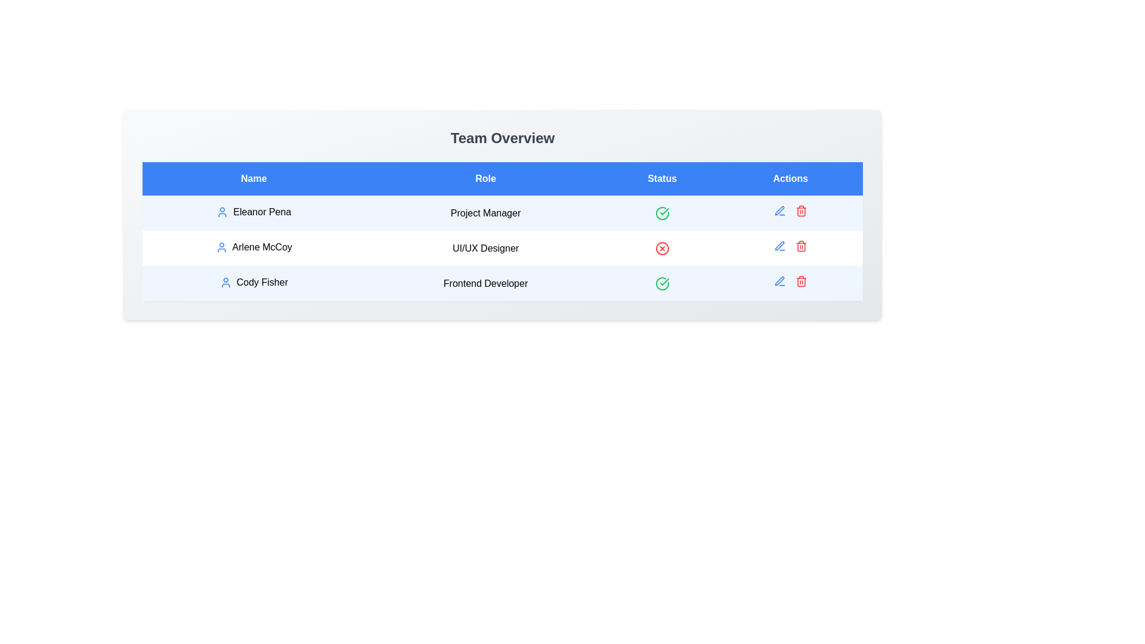  Describe the element at coordinates (661, 179) in the screenshot. I see `the 'Status' header label in the data table, which is the third item in the horizontal list of header cells` at that location.